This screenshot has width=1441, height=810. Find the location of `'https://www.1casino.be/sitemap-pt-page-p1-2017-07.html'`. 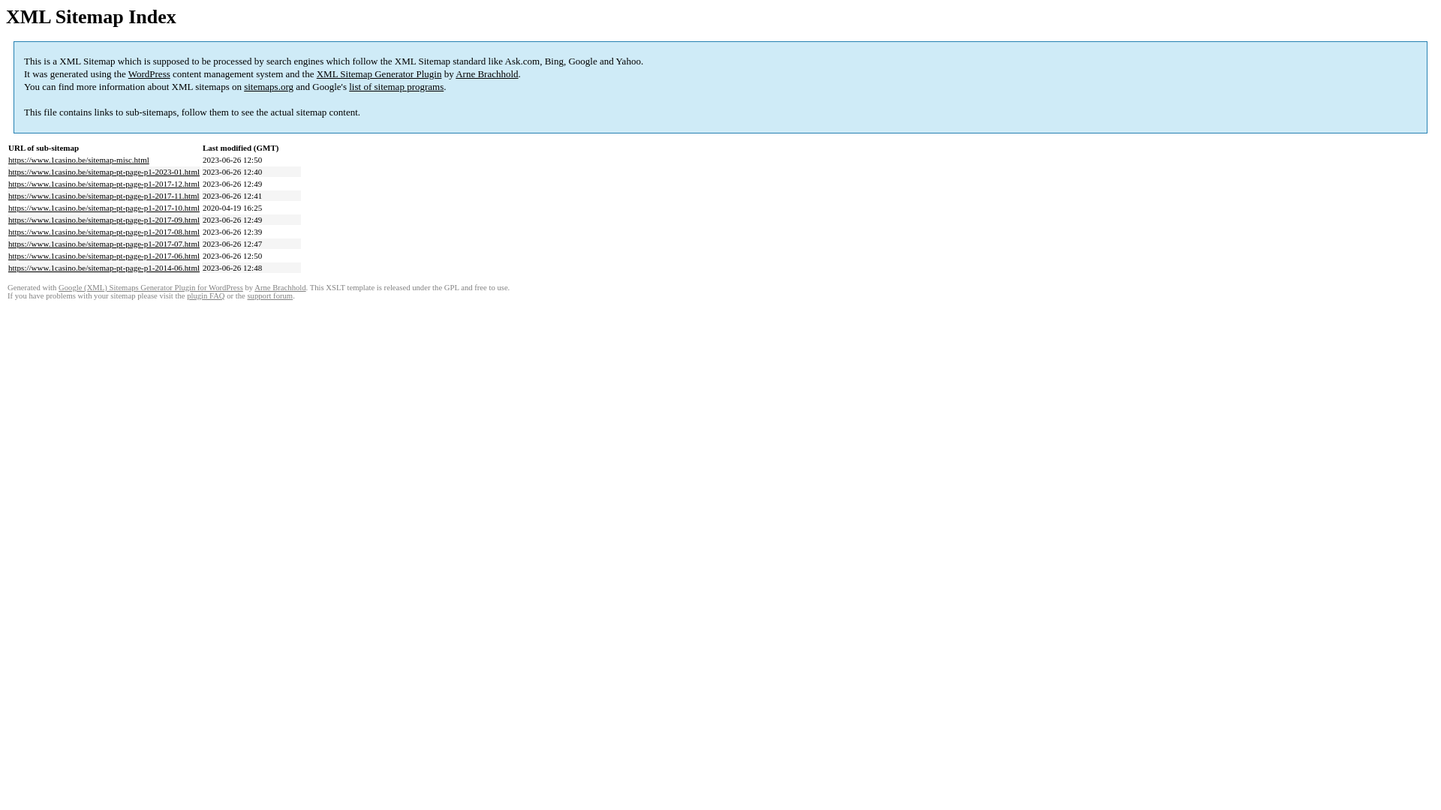

'https://www.1casino.be/sitemap-pt-page-p1-2017-07.html' is located at coordinates (103, 242).